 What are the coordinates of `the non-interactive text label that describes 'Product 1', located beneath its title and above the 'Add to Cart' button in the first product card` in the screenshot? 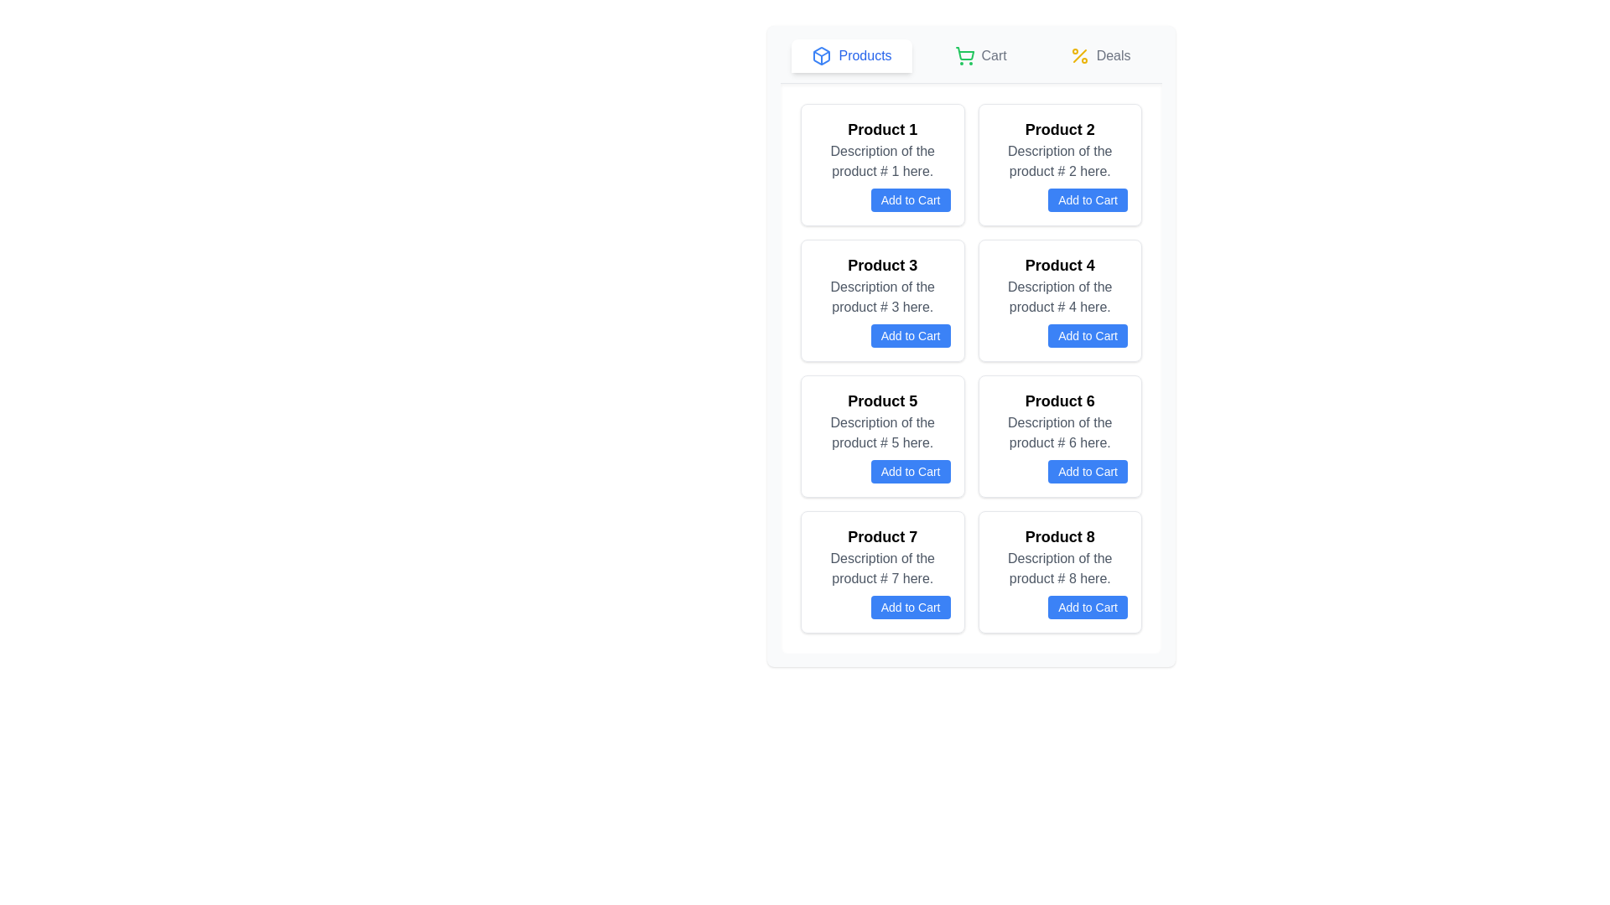 It's located at (881, 161).